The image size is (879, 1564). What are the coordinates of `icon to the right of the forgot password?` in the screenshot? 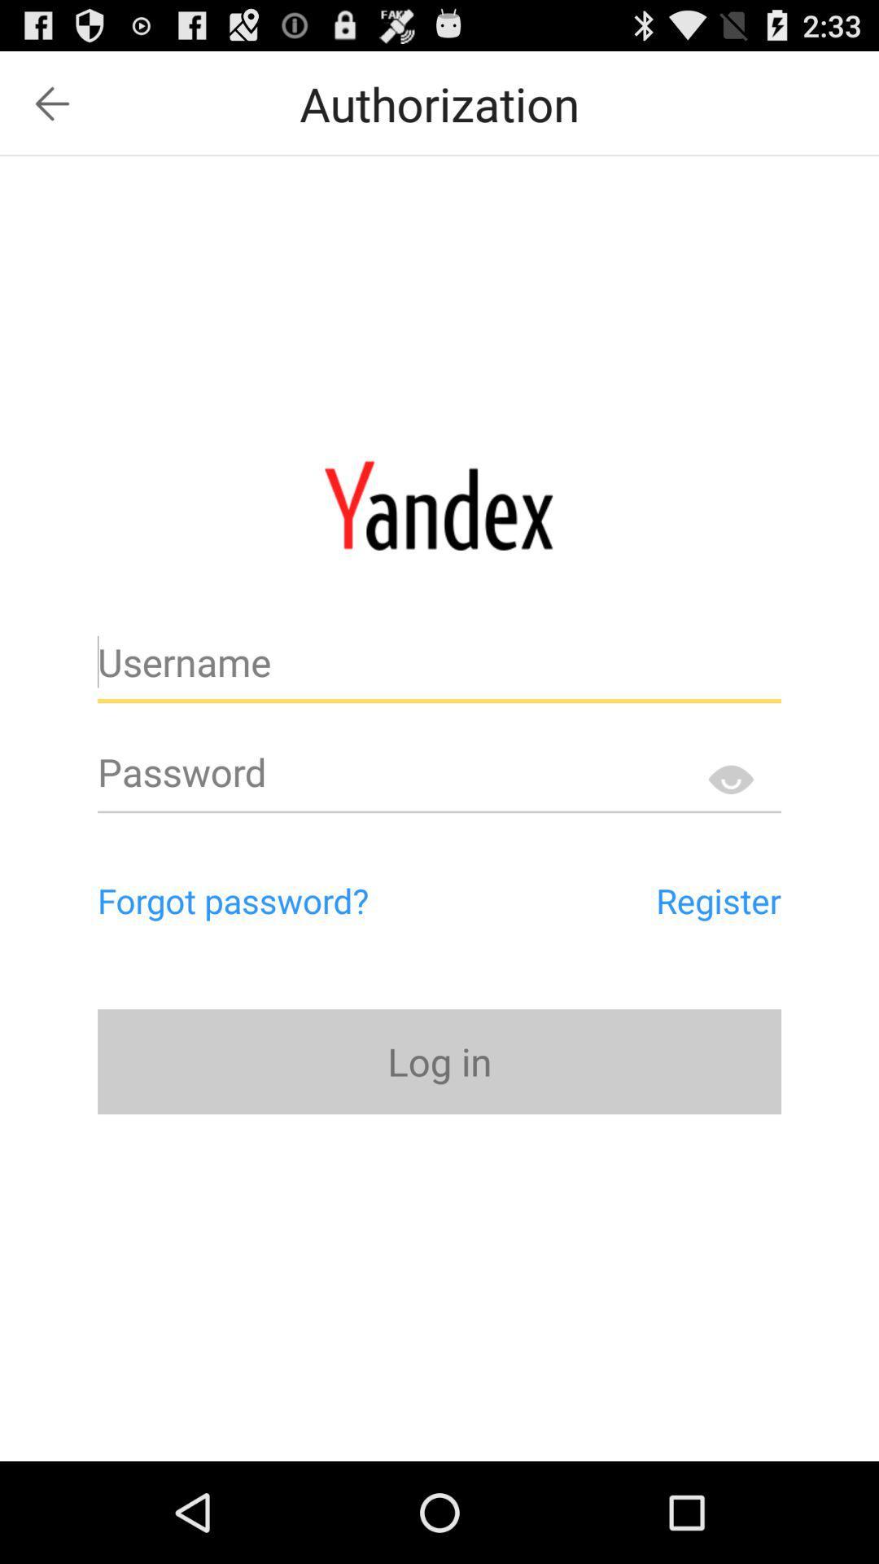 It's located at (643, 899).